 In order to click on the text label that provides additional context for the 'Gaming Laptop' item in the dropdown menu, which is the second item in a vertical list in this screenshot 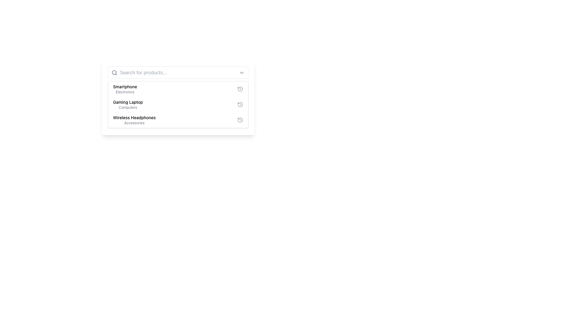, I will do `click(128, 108)`.